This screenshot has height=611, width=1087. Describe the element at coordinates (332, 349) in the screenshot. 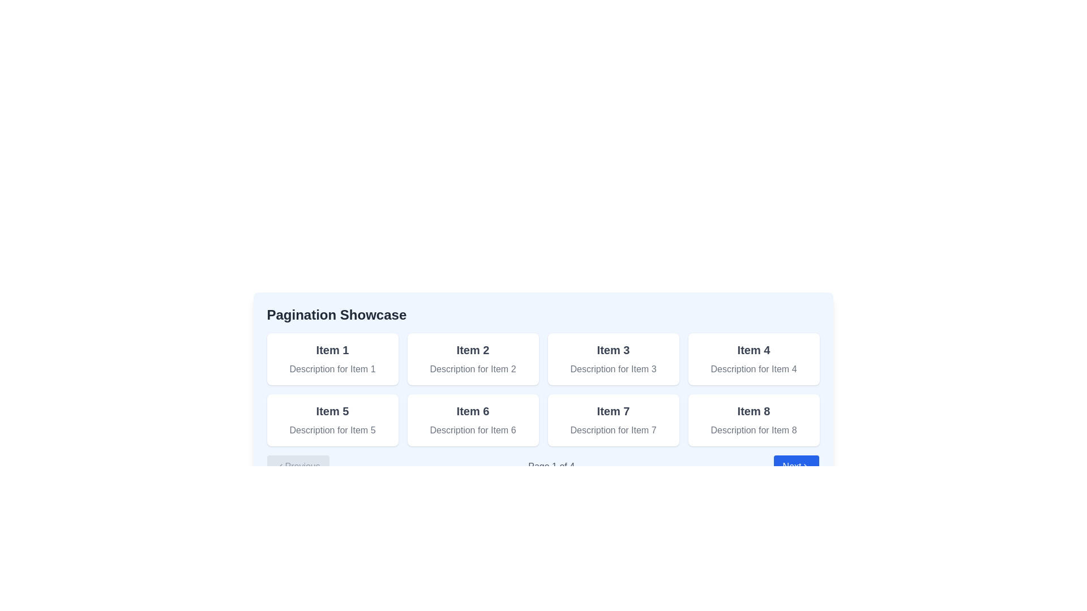

I see `the title label located at the top-left of the item card which distinguishes it from other cards, positioned above the 'Description for Item 1'` at that location.